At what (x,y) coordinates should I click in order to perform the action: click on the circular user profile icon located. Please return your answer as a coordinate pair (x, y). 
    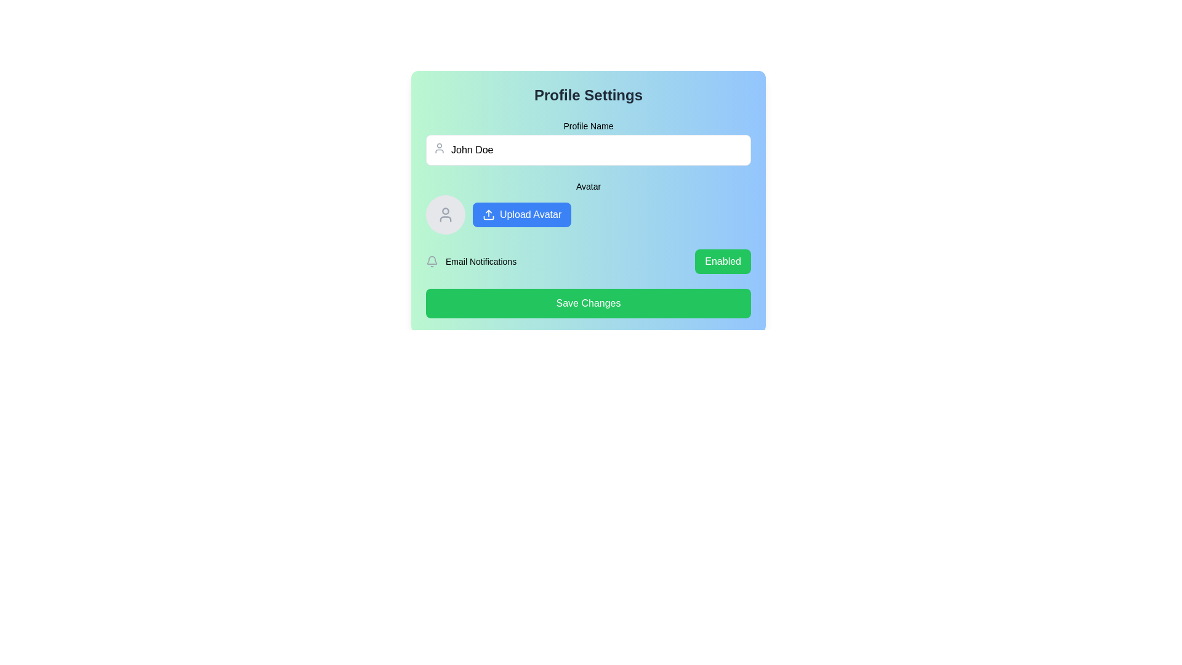
    Looking at the image, I should click on (445, 214).